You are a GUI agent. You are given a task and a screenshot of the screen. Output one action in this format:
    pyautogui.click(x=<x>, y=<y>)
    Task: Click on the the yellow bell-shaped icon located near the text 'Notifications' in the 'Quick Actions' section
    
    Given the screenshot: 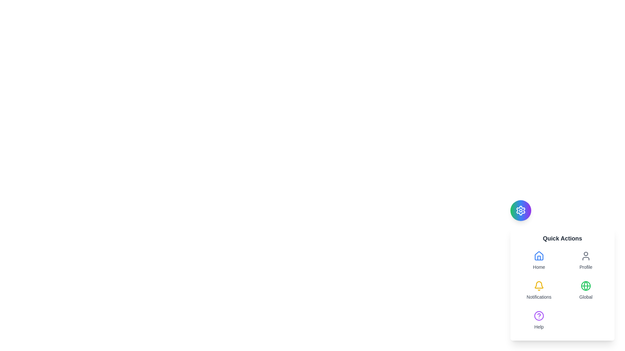 What is the action you would take?
    pyautogui.click(x=539, y=285)
    